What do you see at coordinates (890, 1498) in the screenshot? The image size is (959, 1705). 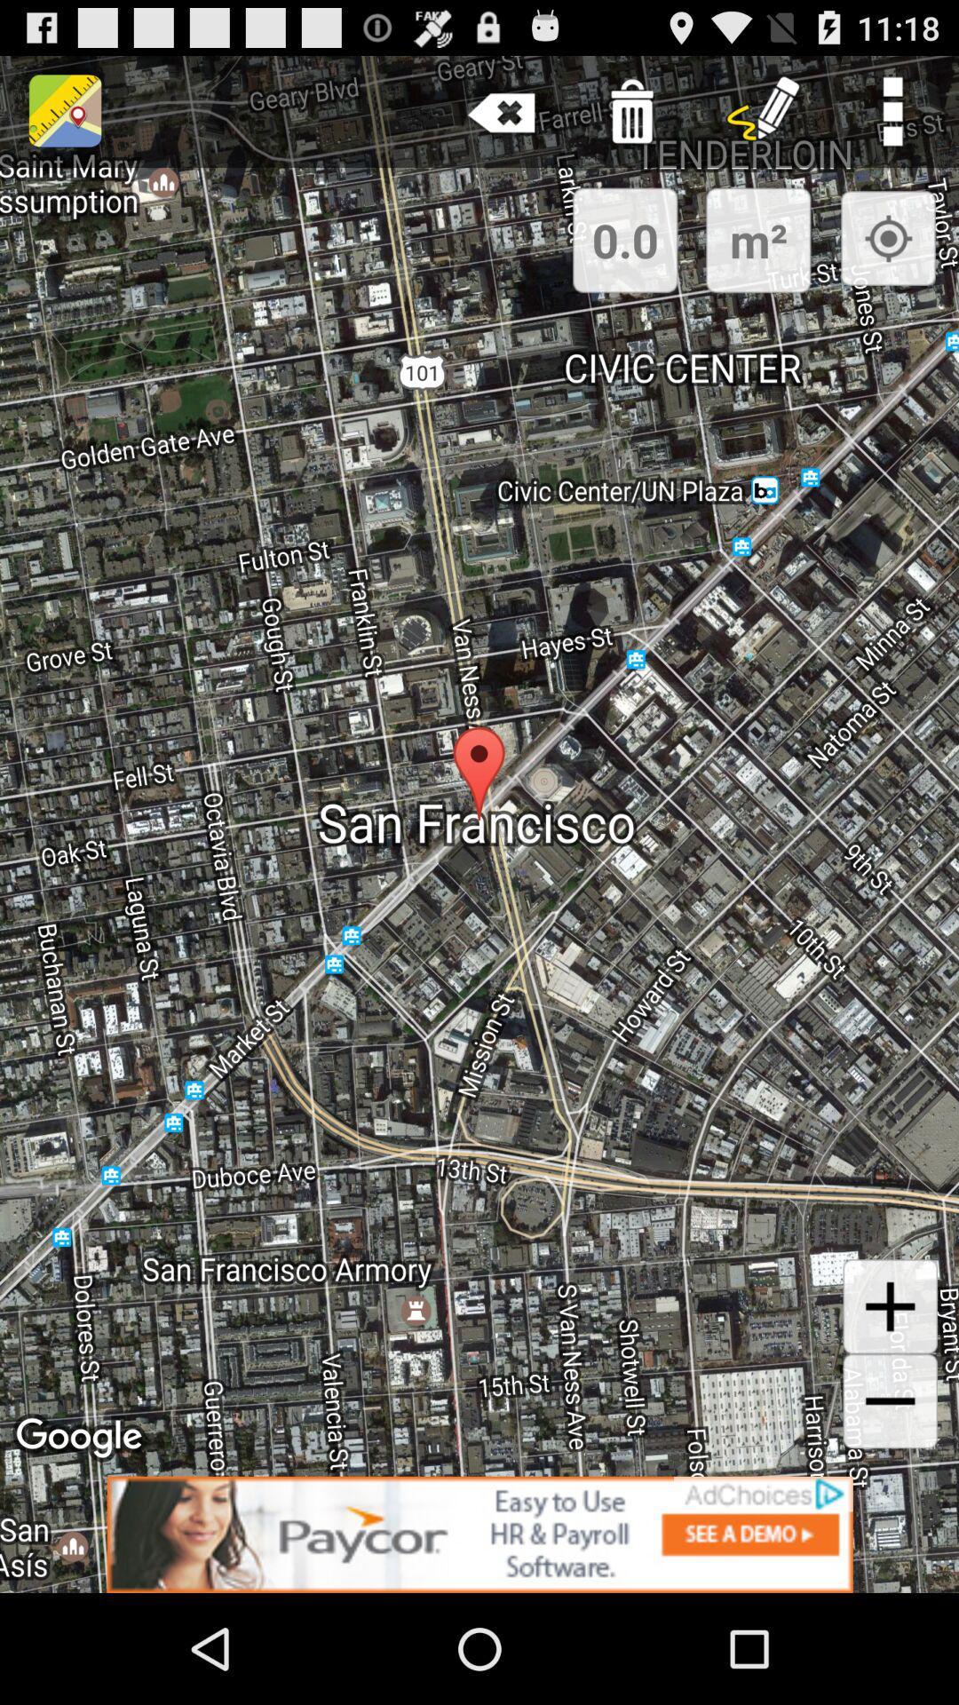 I see `the zoom_out icon` at bounding box center [890, 1498].